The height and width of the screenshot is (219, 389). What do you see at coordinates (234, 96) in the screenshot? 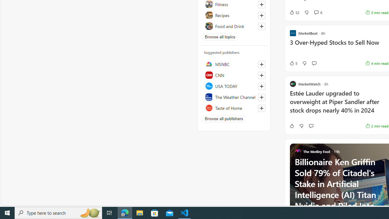
I see `'The Weather Channel'` at bounding box center [234, 96].